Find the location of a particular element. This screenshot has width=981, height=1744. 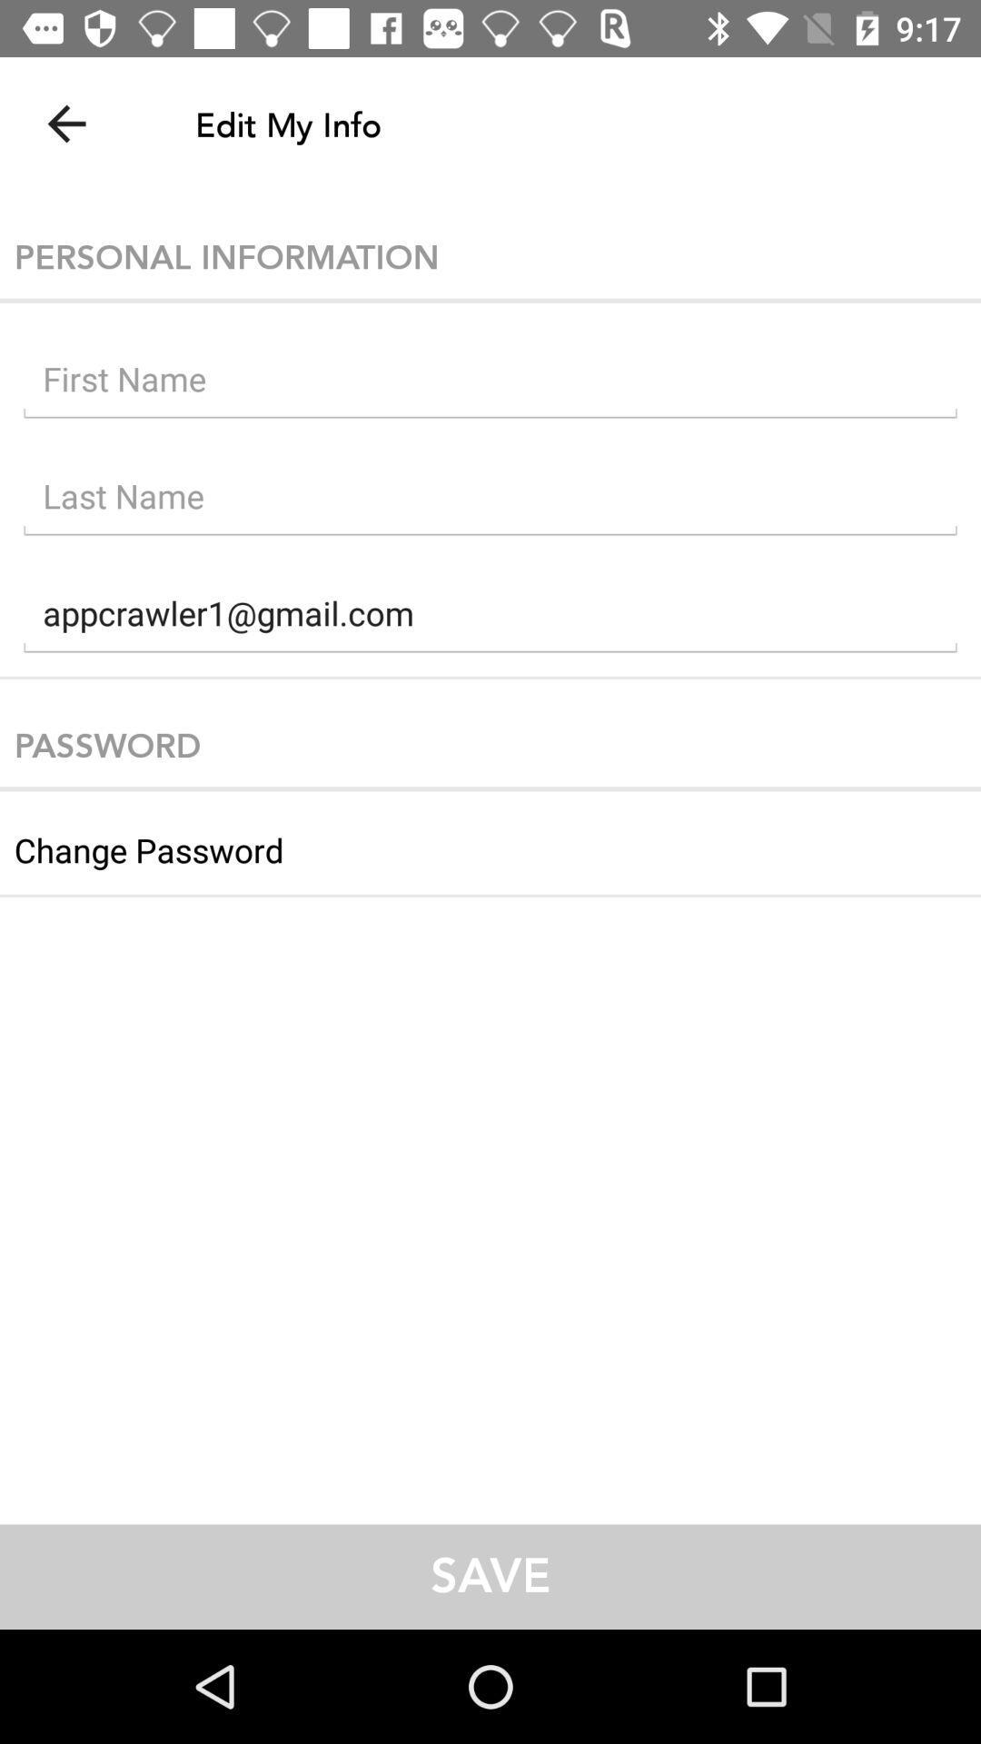

the item at the top left corner is located at coordinates (65, 123).